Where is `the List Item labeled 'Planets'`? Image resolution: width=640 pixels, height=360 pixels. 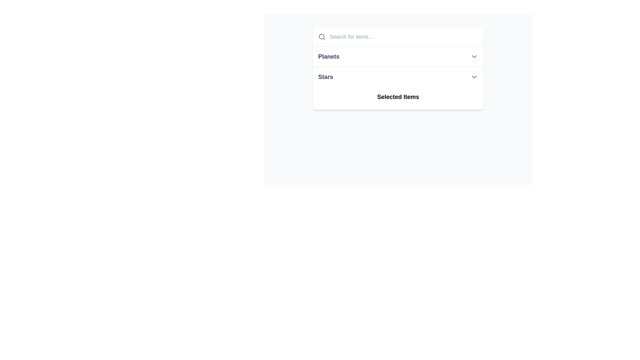
the List Item labeled 'Planets' is located at coordinates (398, 56).